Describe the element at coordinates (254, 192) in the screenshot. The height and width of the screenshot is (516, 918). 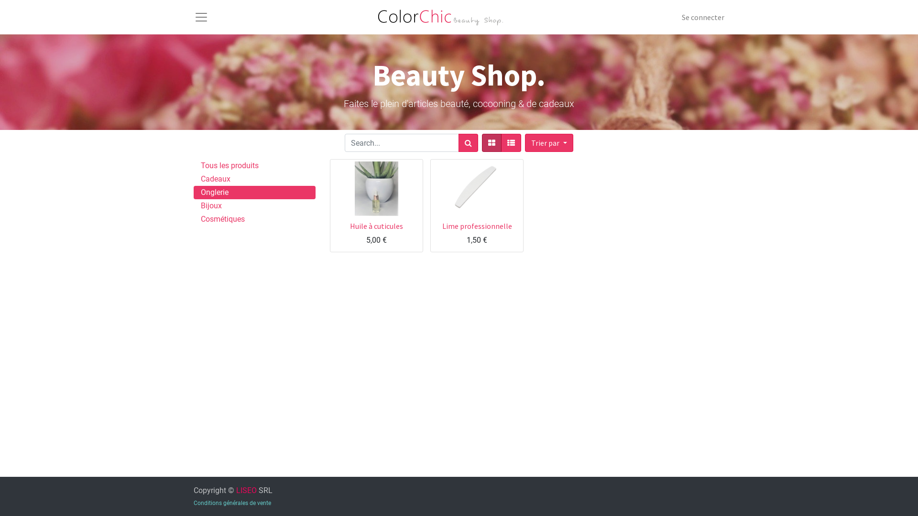
I see `'Onglerie'` at that location.